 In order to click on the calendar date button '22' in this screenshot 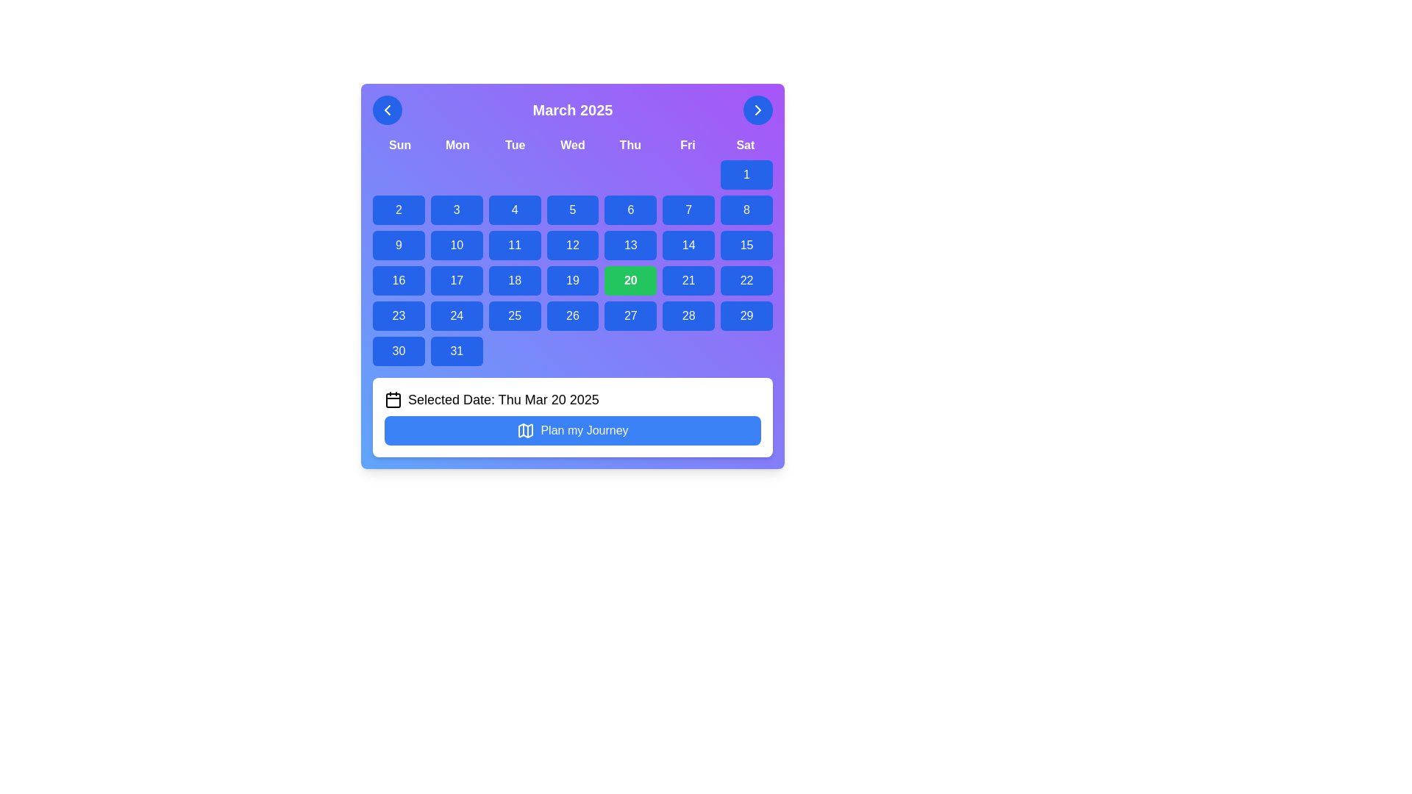, I will do `click(746, 280)`.